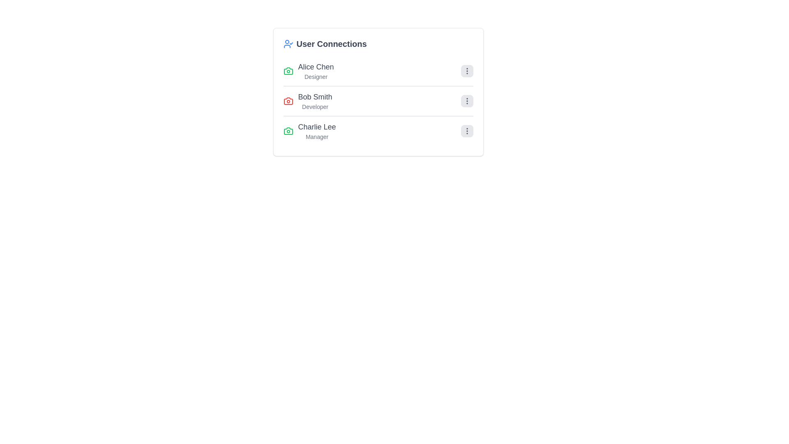 This screenshot has width=789, height=444. What do you see at coordinates (467, 71) in the screenshot?
I see `the button represented by three vertically aligned dots located on the far right side of the row containing 'Alice Chen Designer' using keyboard navigation and activate it with the Enter key` at bounding box center [467, 71].